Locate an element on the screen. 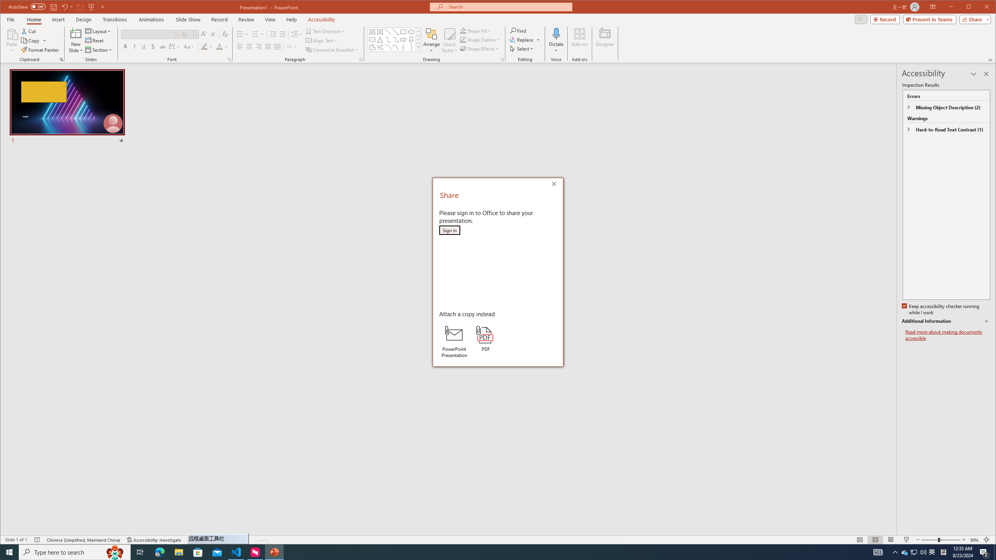 The height and width of the screenshot is (560, 996). 'AutomationID: 4105' is located at coordinates (877, 551).